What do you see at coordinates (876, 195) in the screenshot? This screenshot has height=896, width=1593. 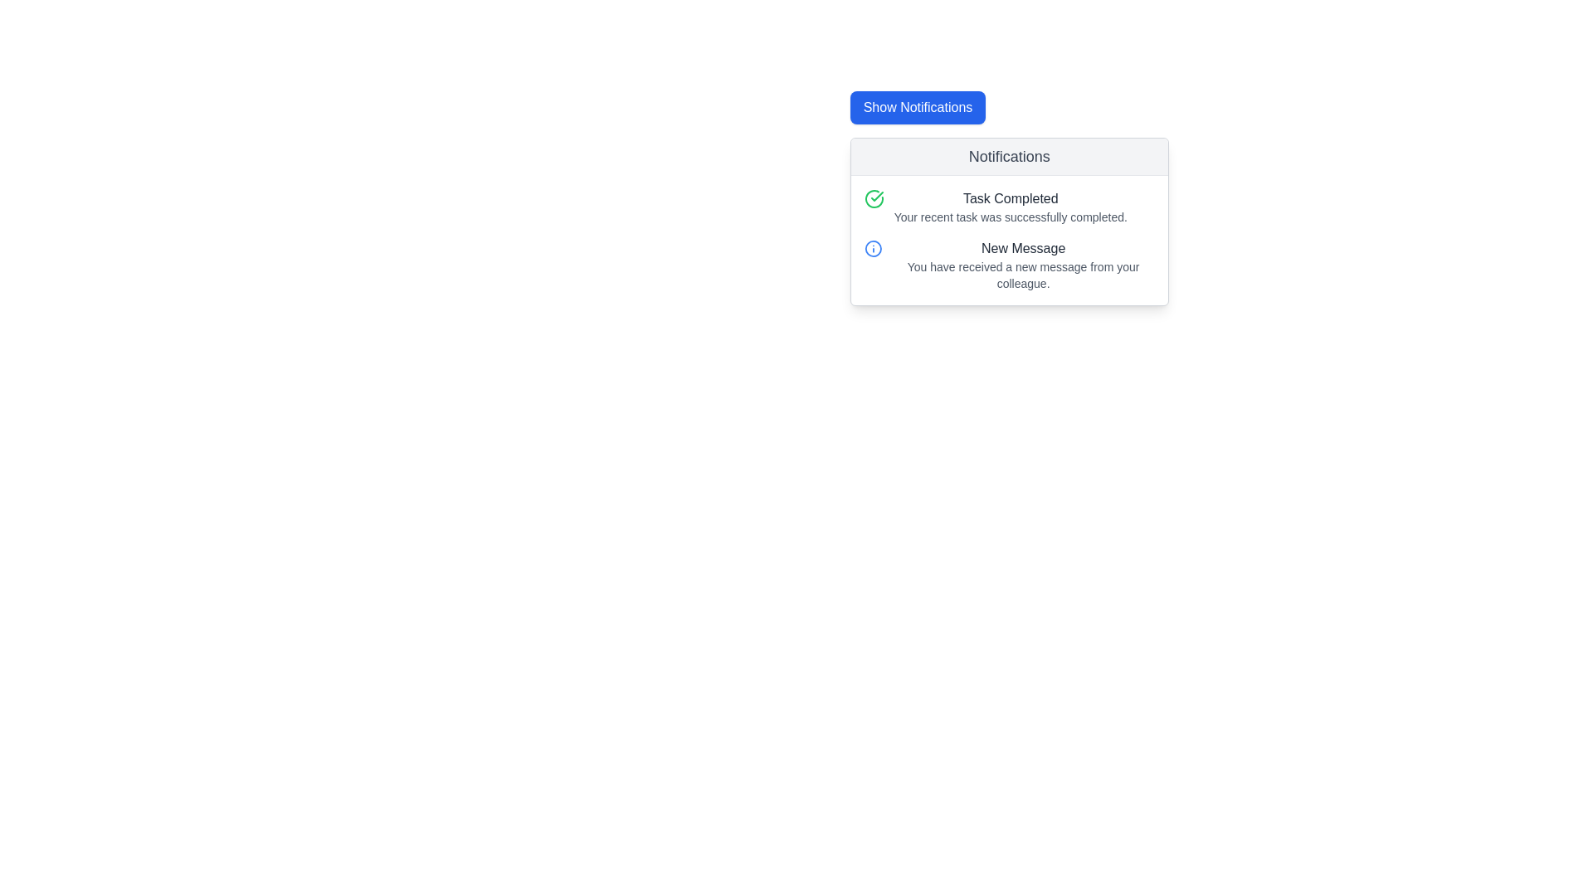 I see `the inner checkmark within the green circular icon located to the left of the 'Task Completed' notification text` at bounding box center [876, 195].